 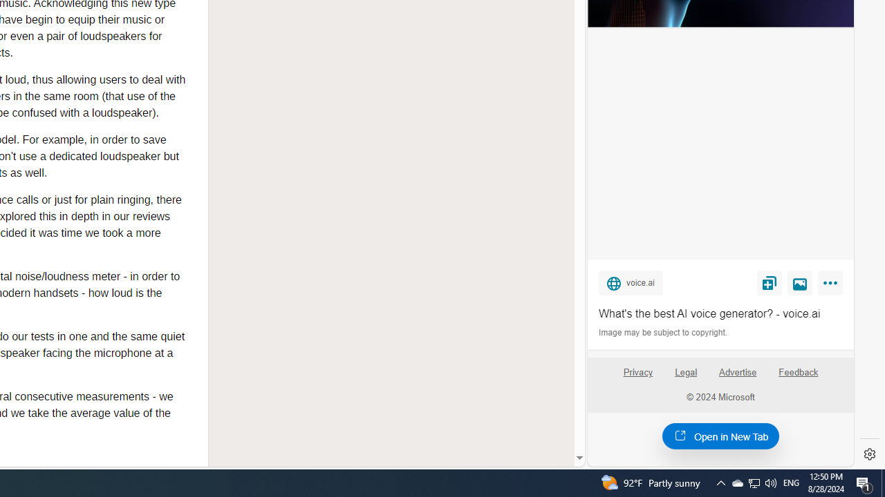 What do you see at coordinates (630, 282) in the screenshot?
I see `'voice.ai'` at bounding box center [630, 282].